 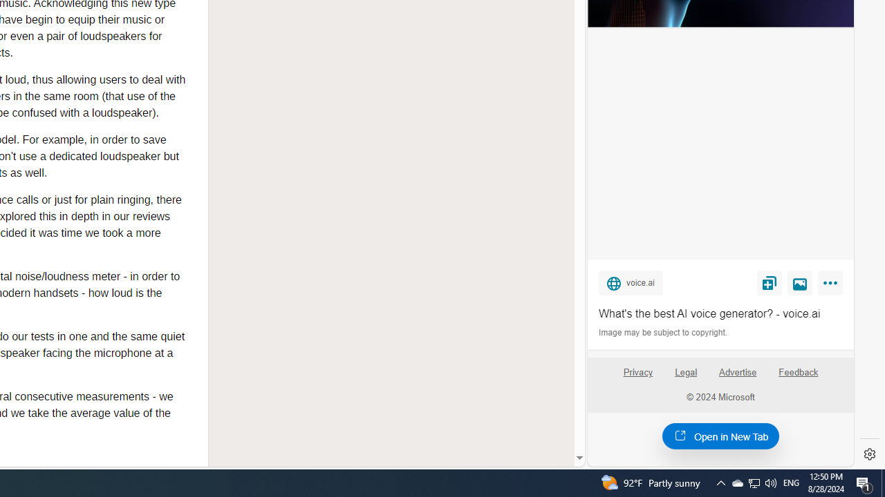 What do you see at coordinates (630, 282) in the screenshot?
I see `'voice.ai'` at bounding box center [630, 282].